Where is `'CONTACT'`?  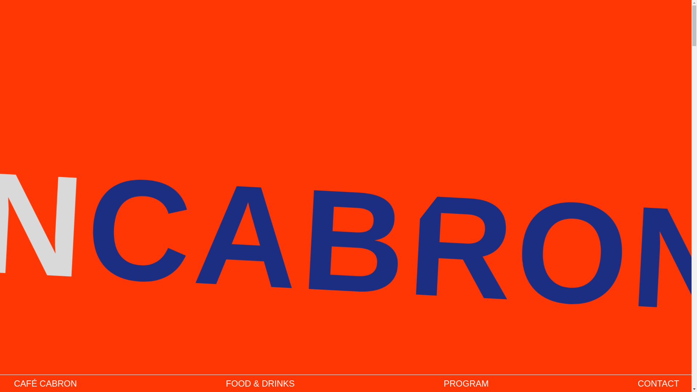 'CONTACT' is located at coordinates (659, 383).